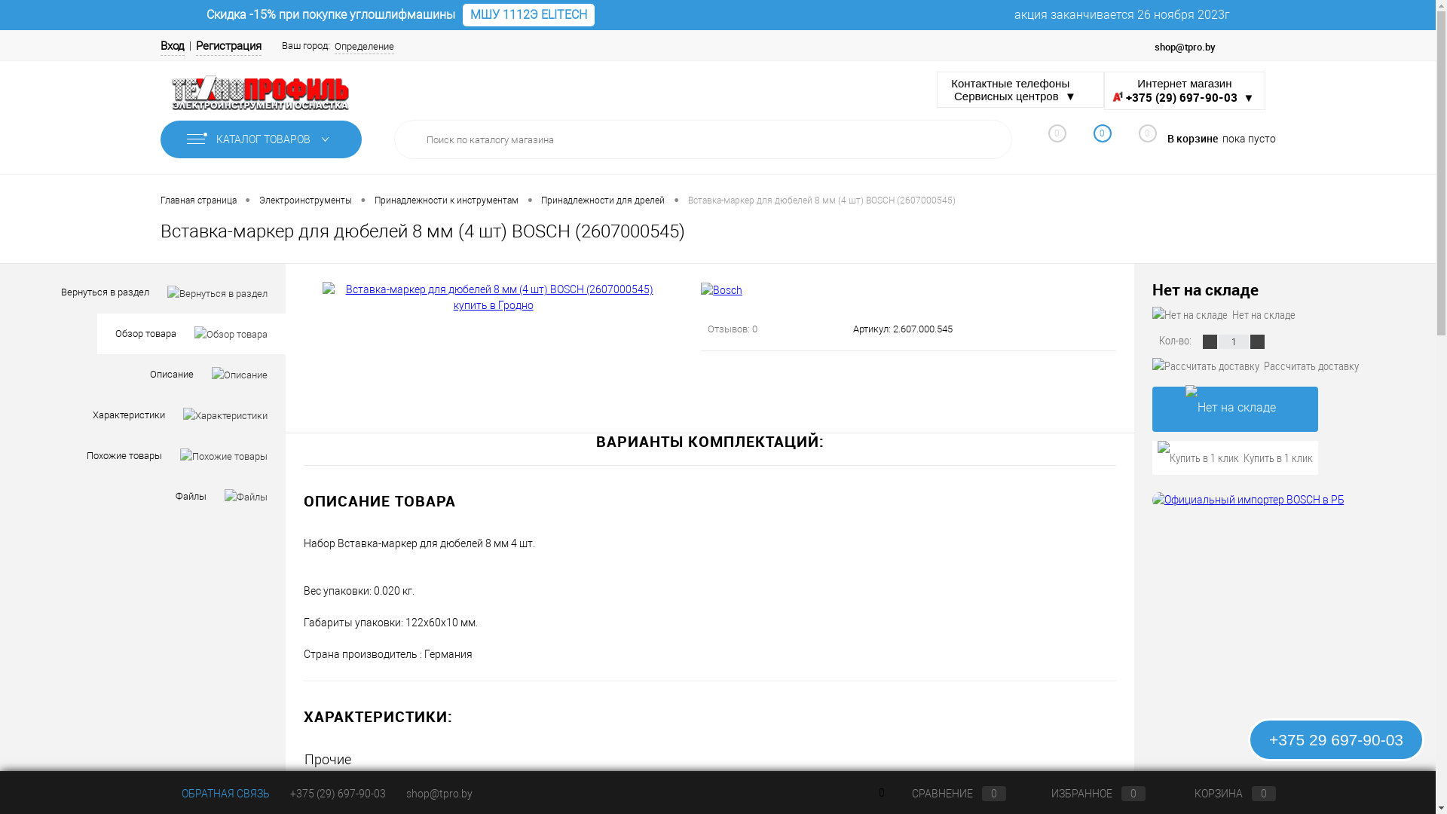 The height and width of the screenshot is (814, 1447). Describe the element at coordinates (1112, 96) in the screenshot. I see `'200px-A1_Logo_Red.jpg'` at that location.